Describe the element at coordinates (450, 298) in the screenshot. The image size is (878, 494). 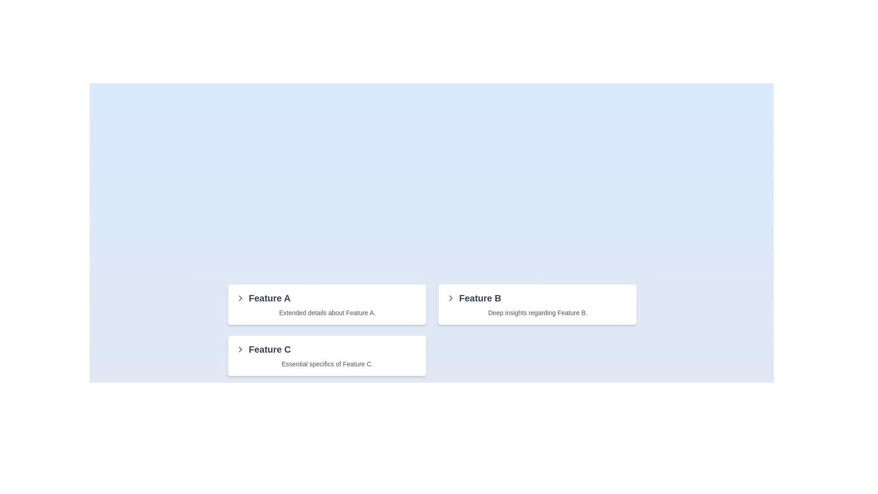
I see `the right-pointing chevron arrow icon located in the rightmost card labeled 'Feature B' on the interface` at that location.